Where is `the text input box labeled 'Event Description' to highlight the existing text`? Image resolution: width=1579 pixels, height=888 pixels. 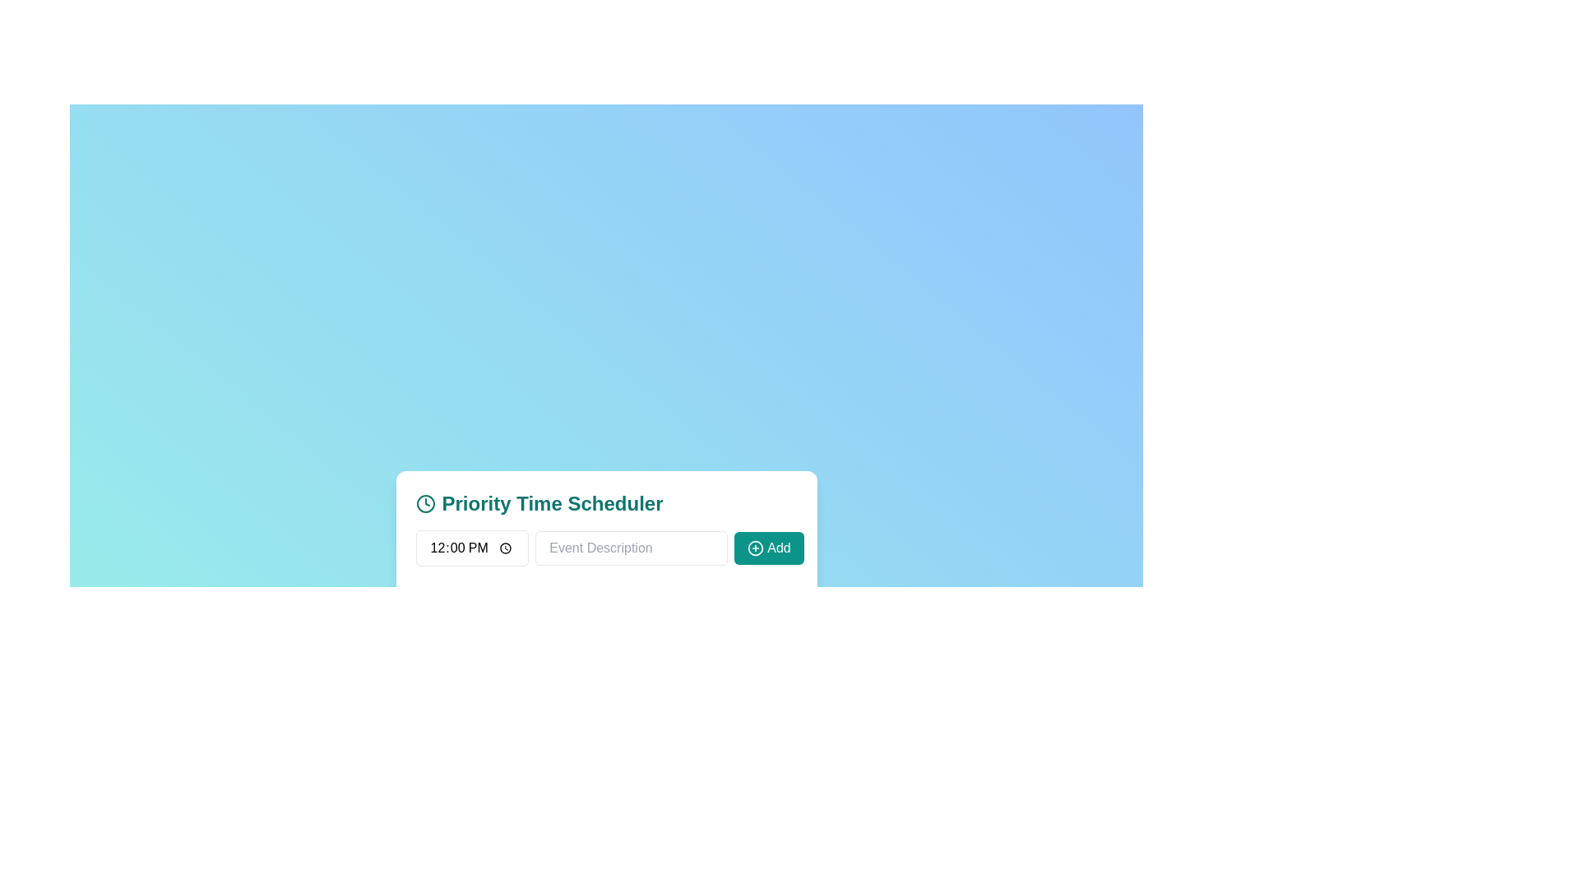
the text input box labeled 'Event Description' to highlight the existing text is located at coordinates (631, 548).